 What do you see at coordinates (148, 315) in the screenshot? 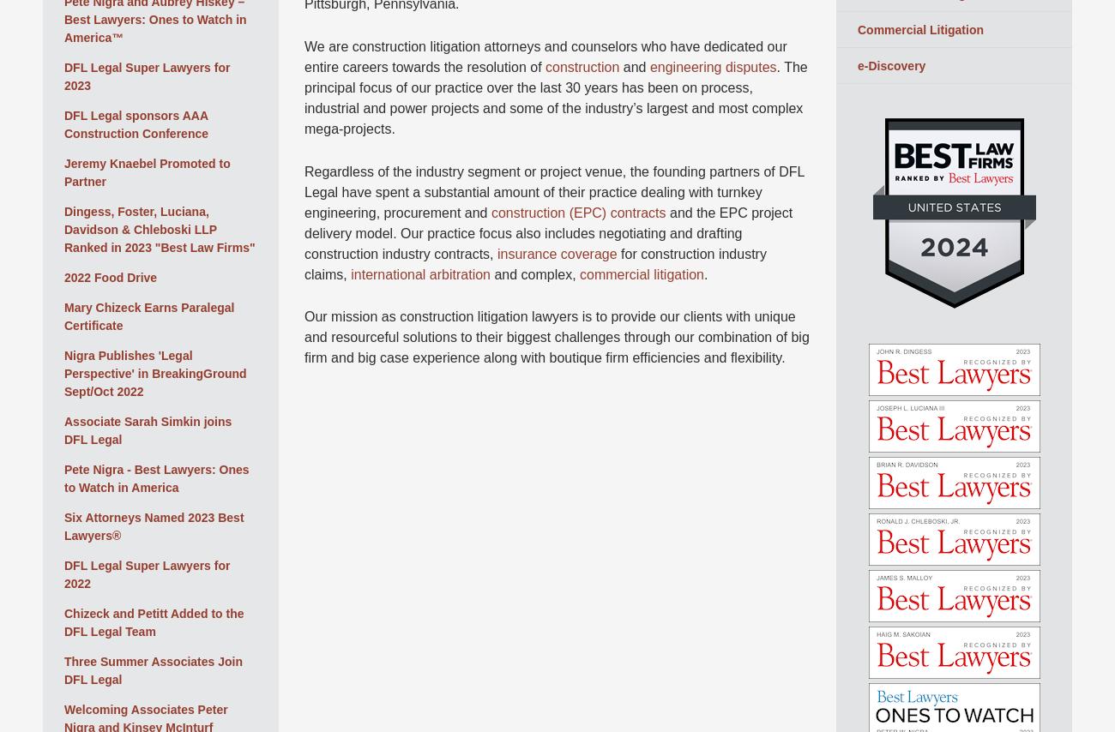
I see `'Mary Chizeck Earns Paralegal Certificate'` at bounding box center [148, 315].